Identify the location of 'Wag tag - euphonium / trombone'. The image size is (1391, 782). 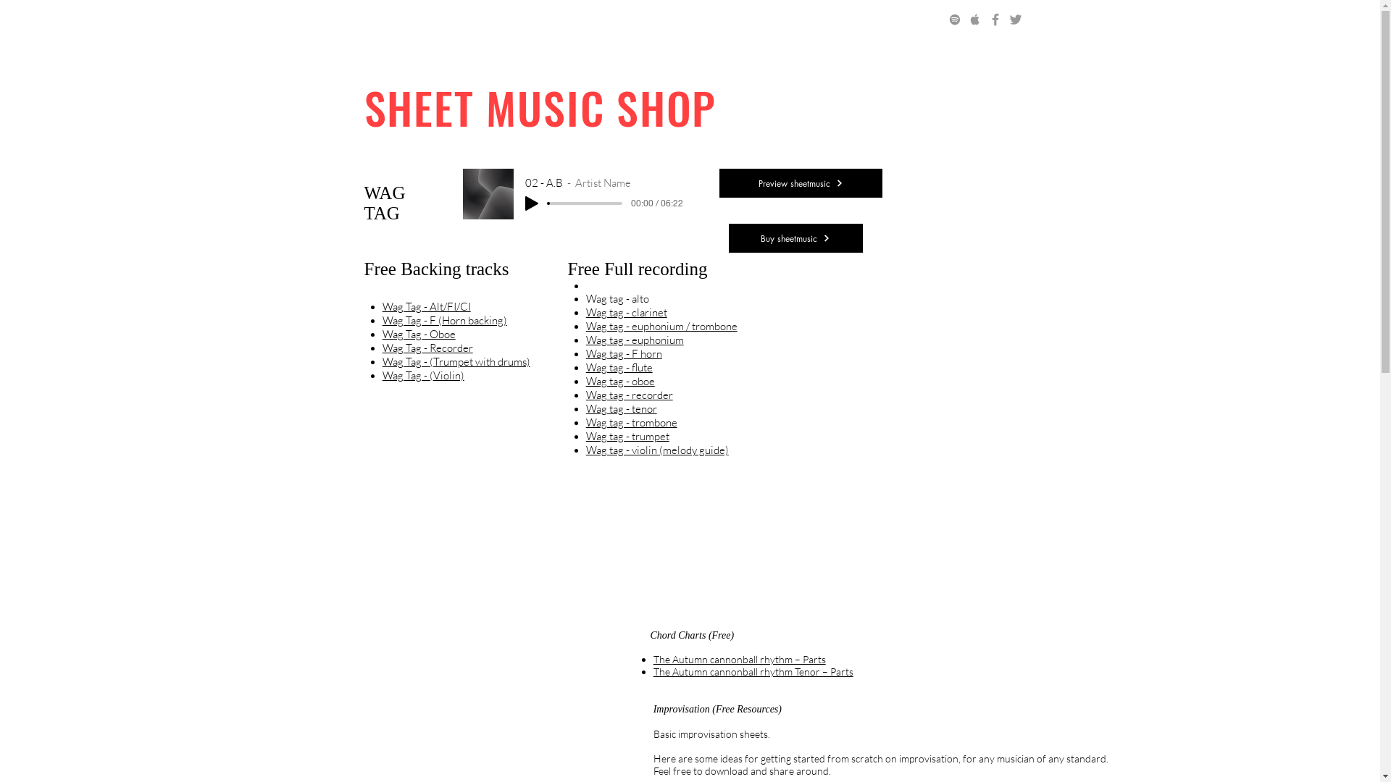
(586, 326).